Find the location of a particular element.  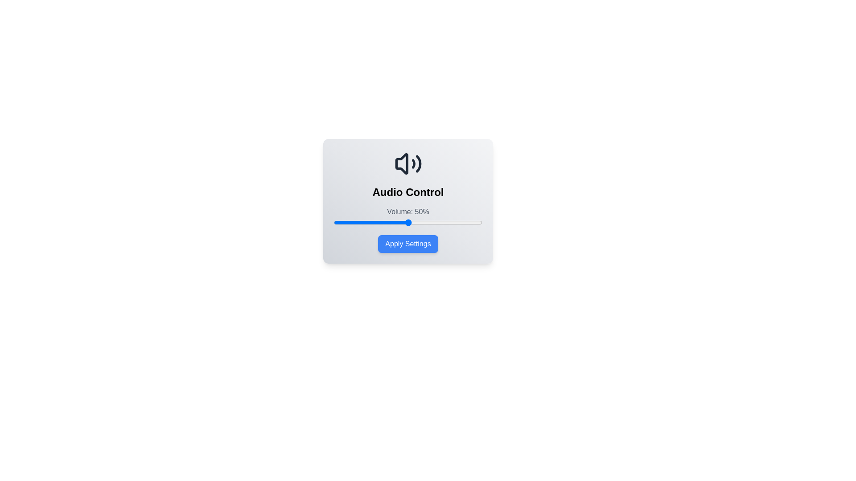

the 'Apply' button located at the bottom of the 'Audio Control' card is located at coordinates (407, 244).